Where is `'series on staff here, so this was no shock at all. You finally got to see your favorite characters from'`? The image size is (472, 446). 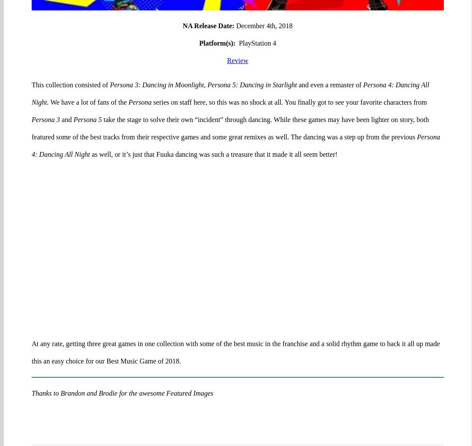
'series on staff here, so this was no shock at all. You finally got to see your favorite characters from' is located at coordinates (289, 68).